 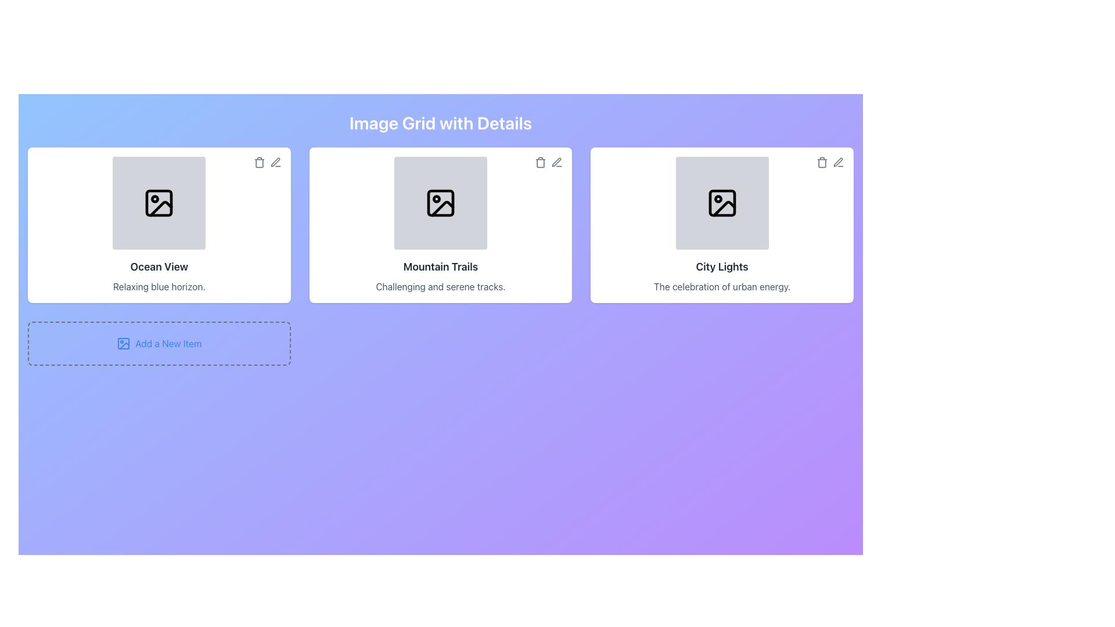 What do you see at coordinates (124, 343) in the screenshot?
I see `the small rectangular icon with rounded corners located inside the dashed outline box labeled 'Add a New Item'` at bounding box center [124, 343].